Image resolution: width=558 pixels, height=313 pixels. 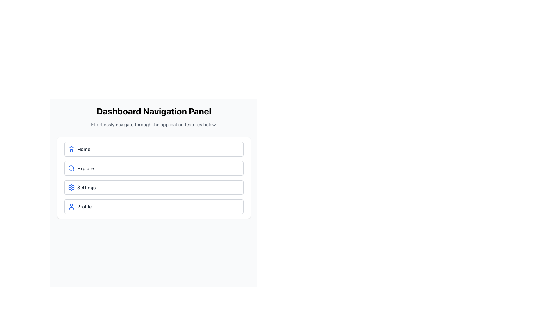 What do you see at coordinates (71, 188) in the screenshot?
I see `the blue circular gear icon representing the settings function in the 'Settings' row` at bounding box center [71, 188].